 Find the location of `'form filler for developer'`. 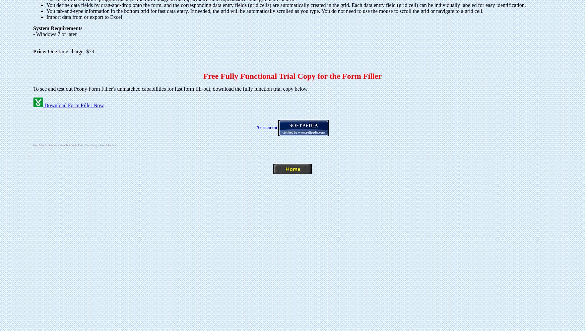

'form filler for developer' is located at coordinates (33, 145).